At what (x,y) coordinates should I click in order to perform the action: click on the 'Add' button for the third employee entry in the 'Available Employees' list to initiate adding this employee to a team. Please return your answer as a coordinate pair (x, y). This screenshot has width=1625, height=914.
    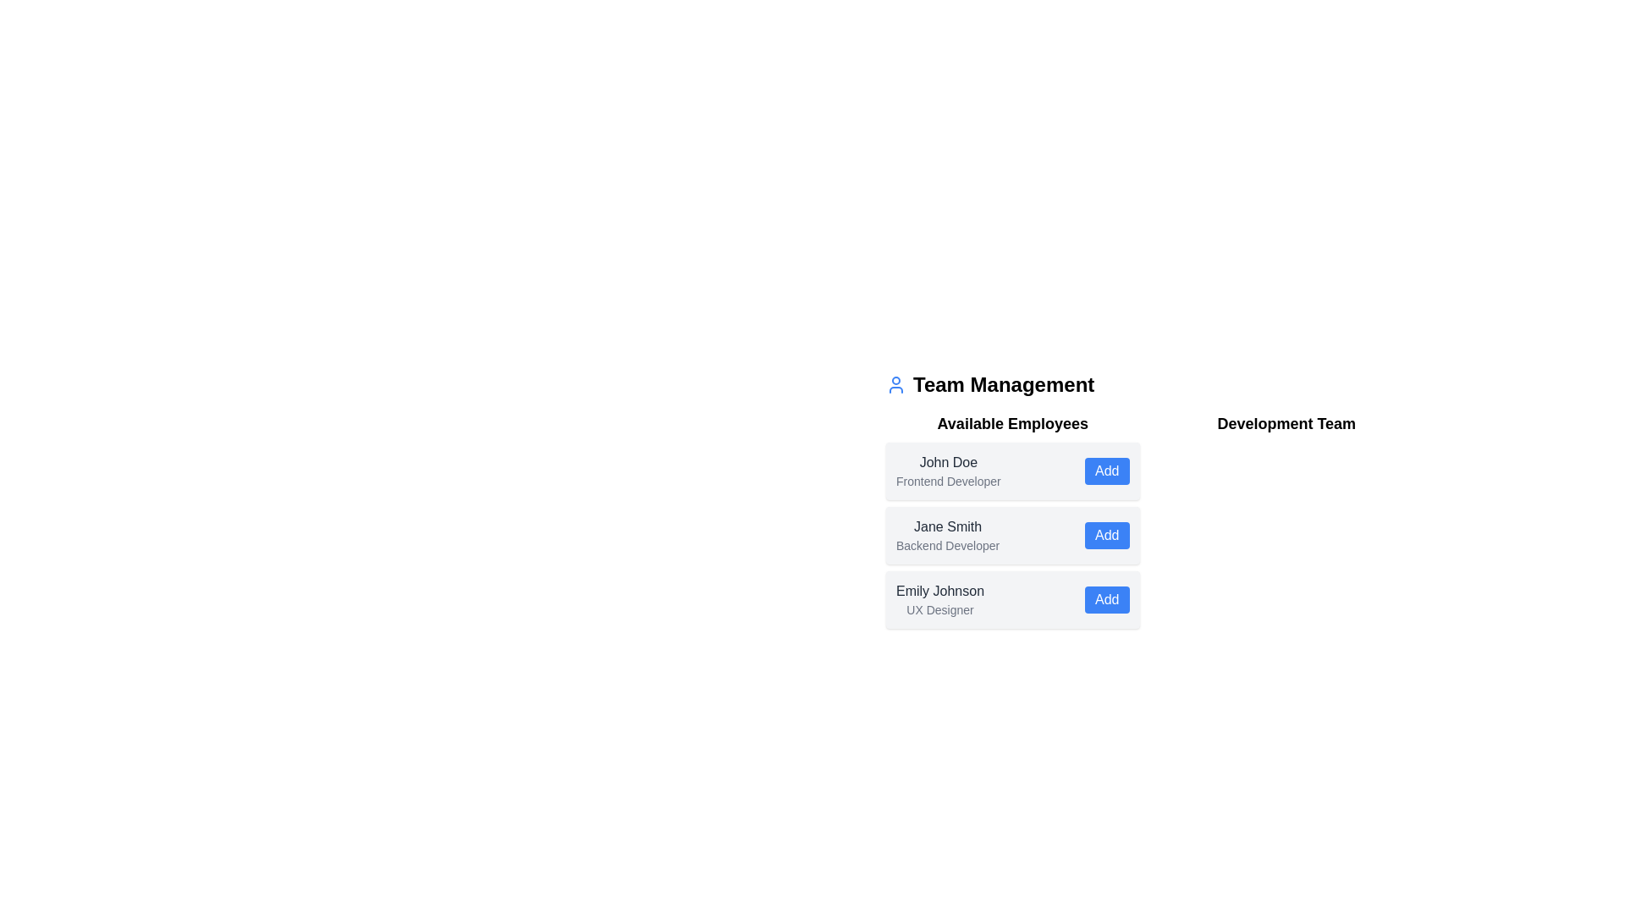
    Looking at the image, I should click on (1012, 599).